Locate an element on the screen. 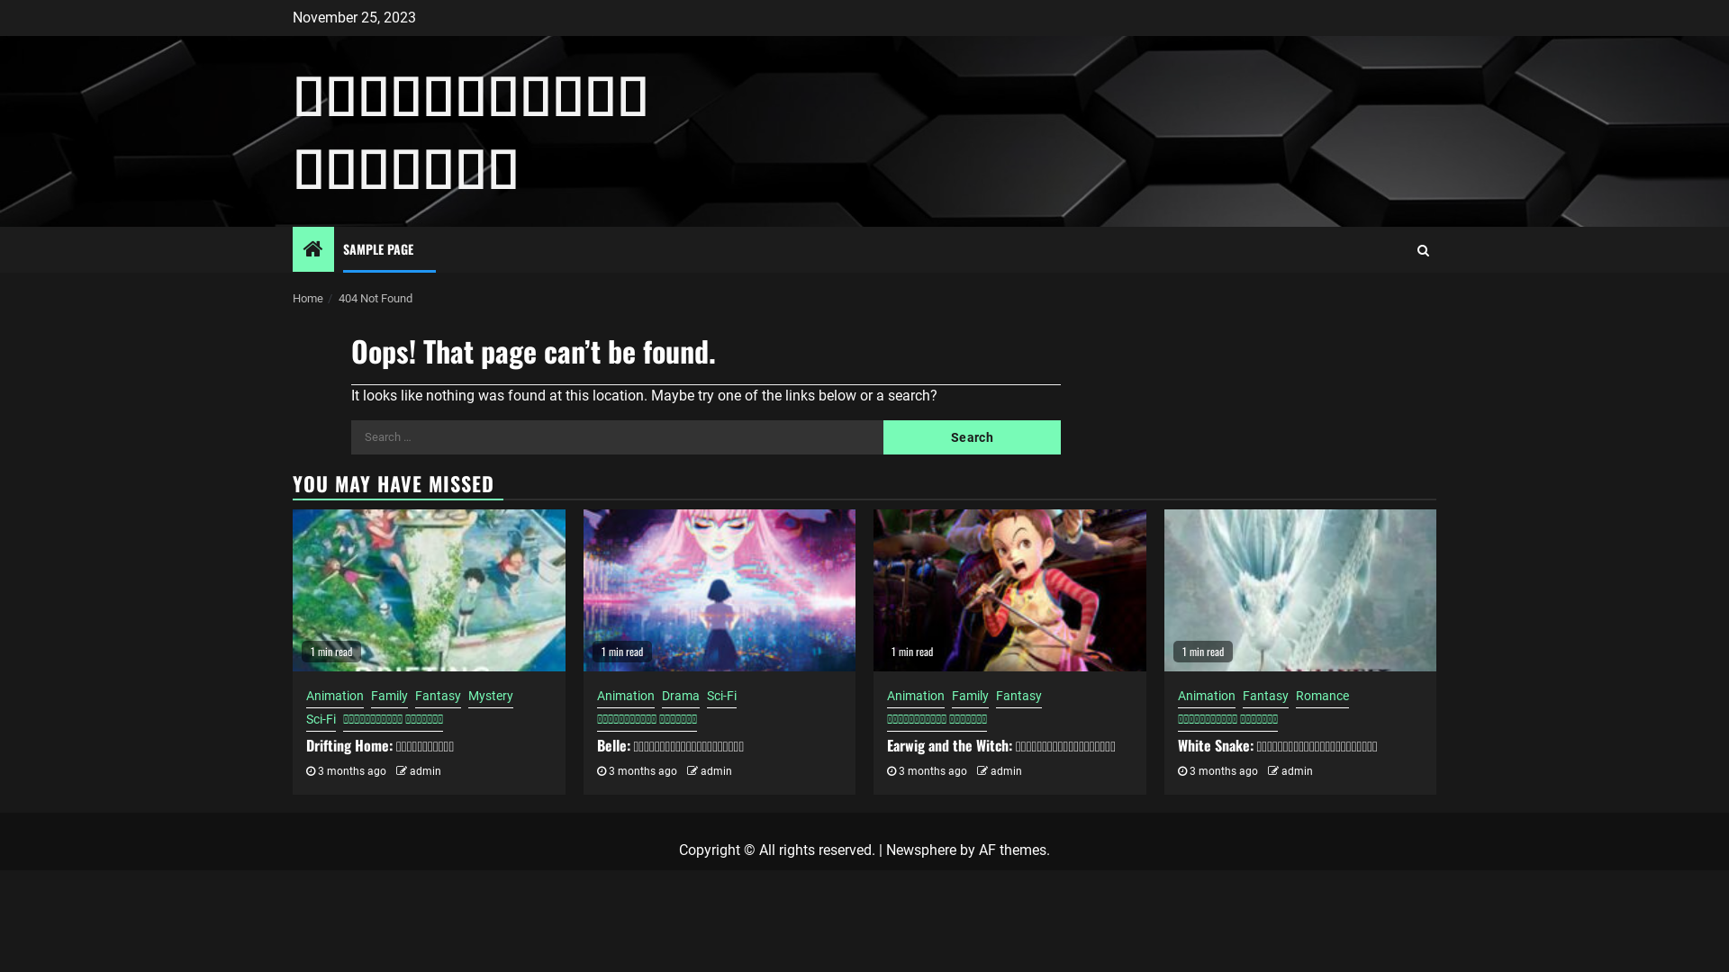 This screenshot has height=972, width=1729. 'Drama' is located at coordinates (678, 697).